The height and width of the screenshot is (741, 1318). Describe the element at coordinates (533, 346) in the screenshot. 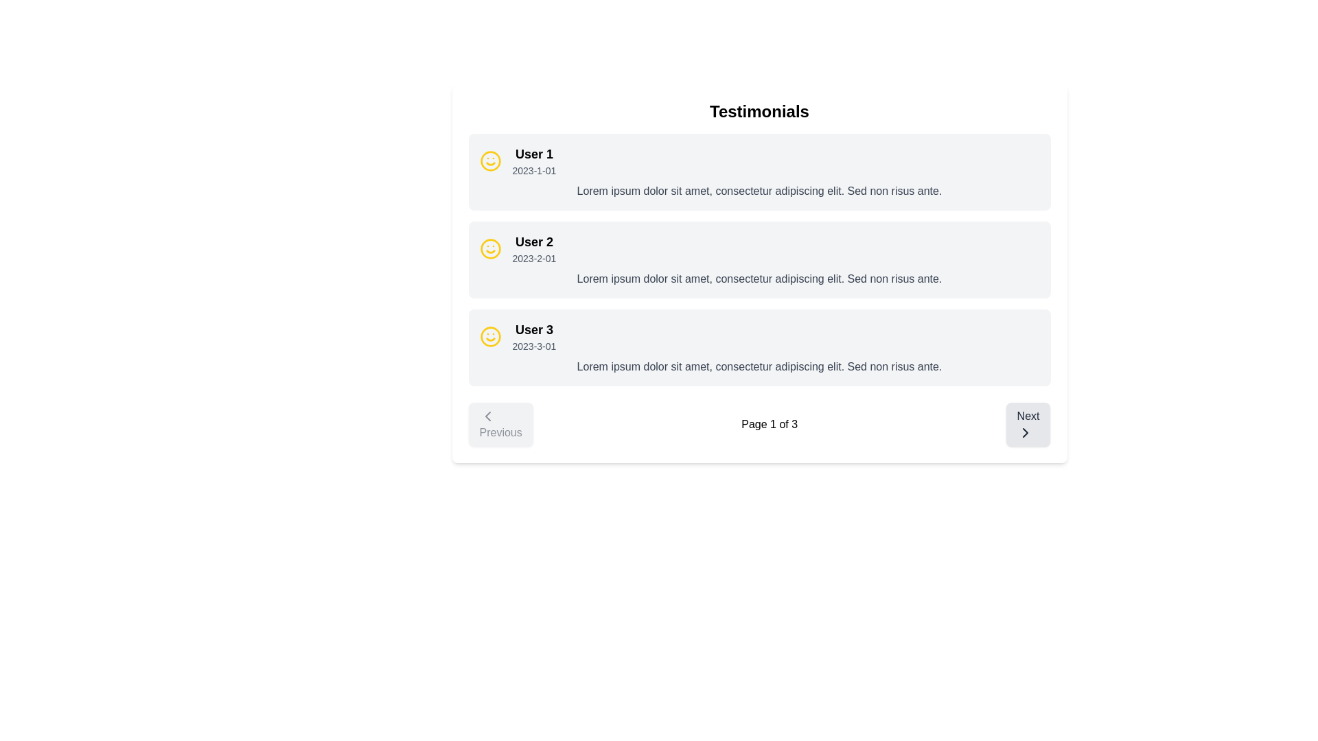

I see `the text label displaying '2023-3-01', which is located below the bold header 'User 3' in the testimonial entry box` at that location.